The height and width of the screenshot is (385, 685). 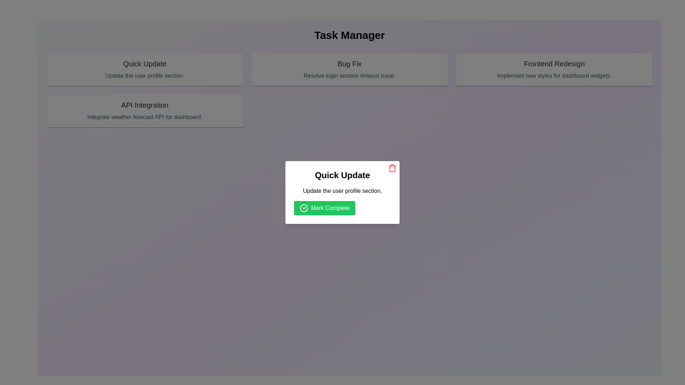 What do you see at coordinates (140, 65) in the screenshot?
I see `the 'Quick Update' clickable card located in the first row and first column of the grid layout` at bounding box center [140, 65].